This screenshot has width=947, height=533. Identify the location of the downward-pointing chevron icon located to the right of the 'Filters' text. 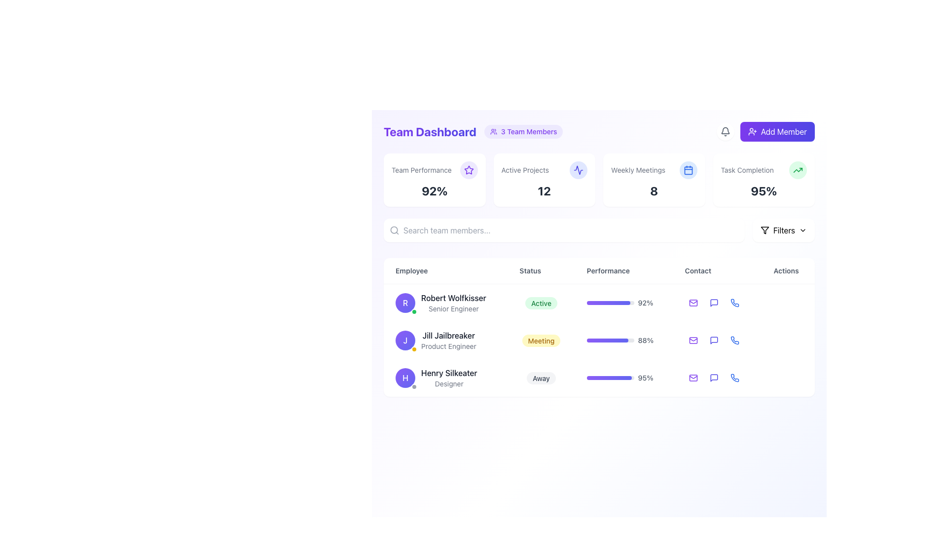
(802, 230).